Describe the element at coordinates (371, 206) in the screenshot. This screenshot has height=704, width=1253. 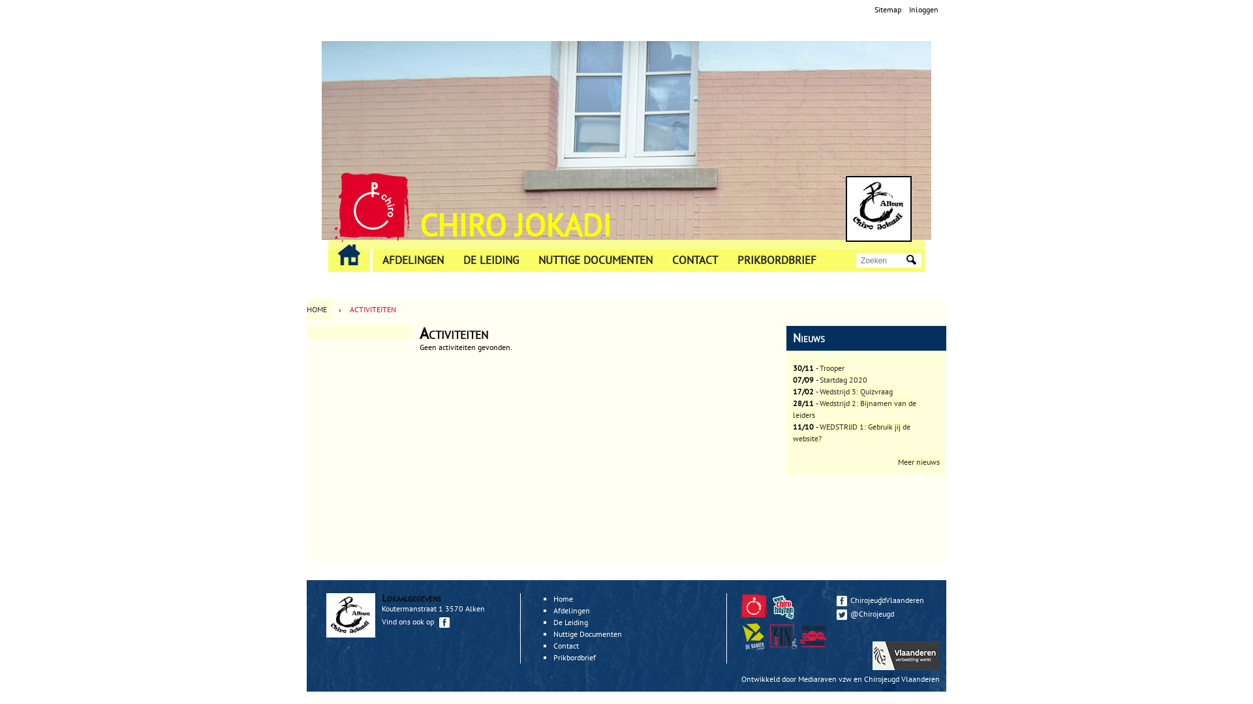
I see `'Home'` at that location.